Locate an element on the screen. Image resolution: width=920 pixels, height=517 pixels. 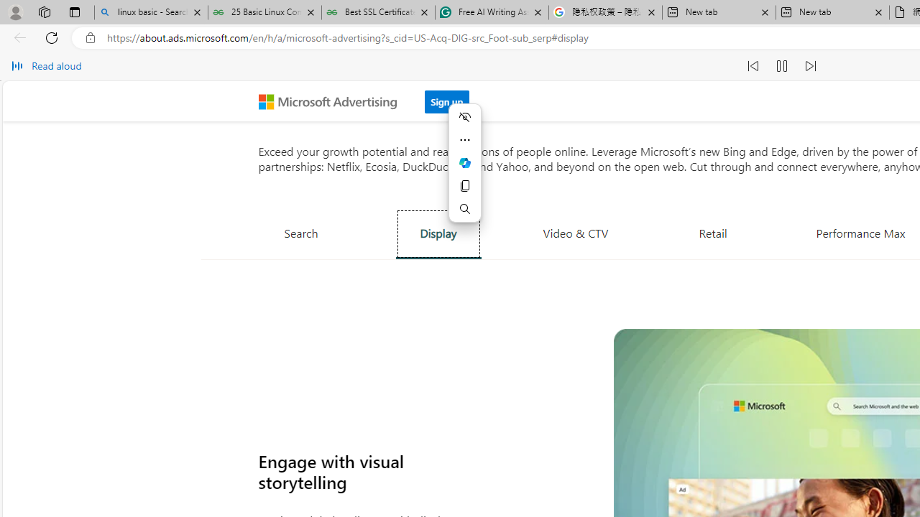
'Ask Copilot' is located at coordinates (465, 162).